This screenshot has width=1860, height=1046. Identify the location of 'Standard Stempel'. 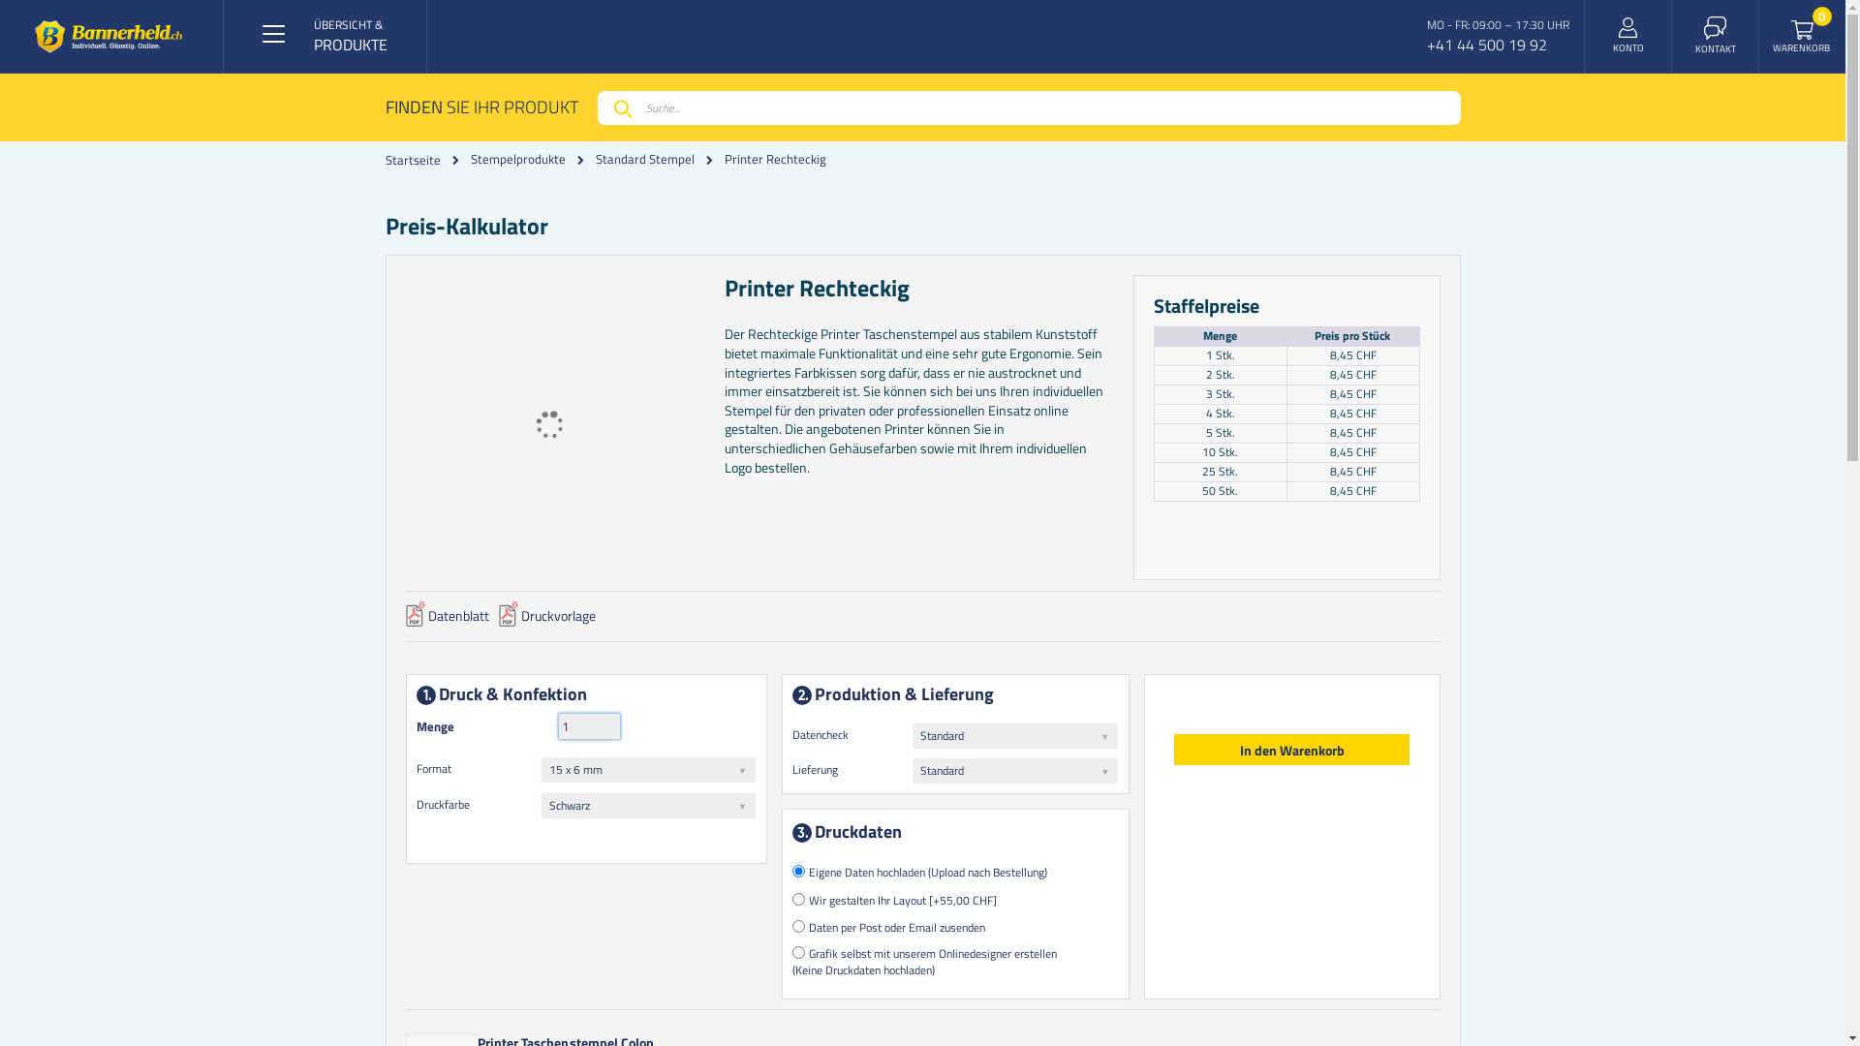
(644, 158).